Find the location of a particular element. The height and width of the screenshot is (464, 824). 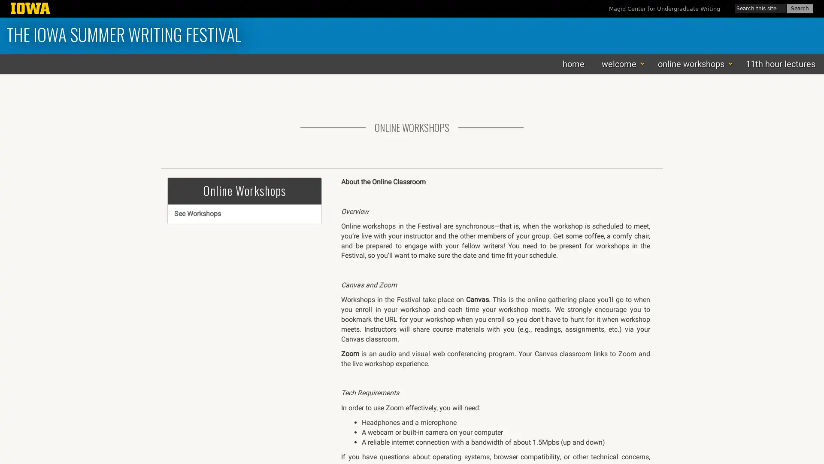

Search is located at coordinates (799, 8).